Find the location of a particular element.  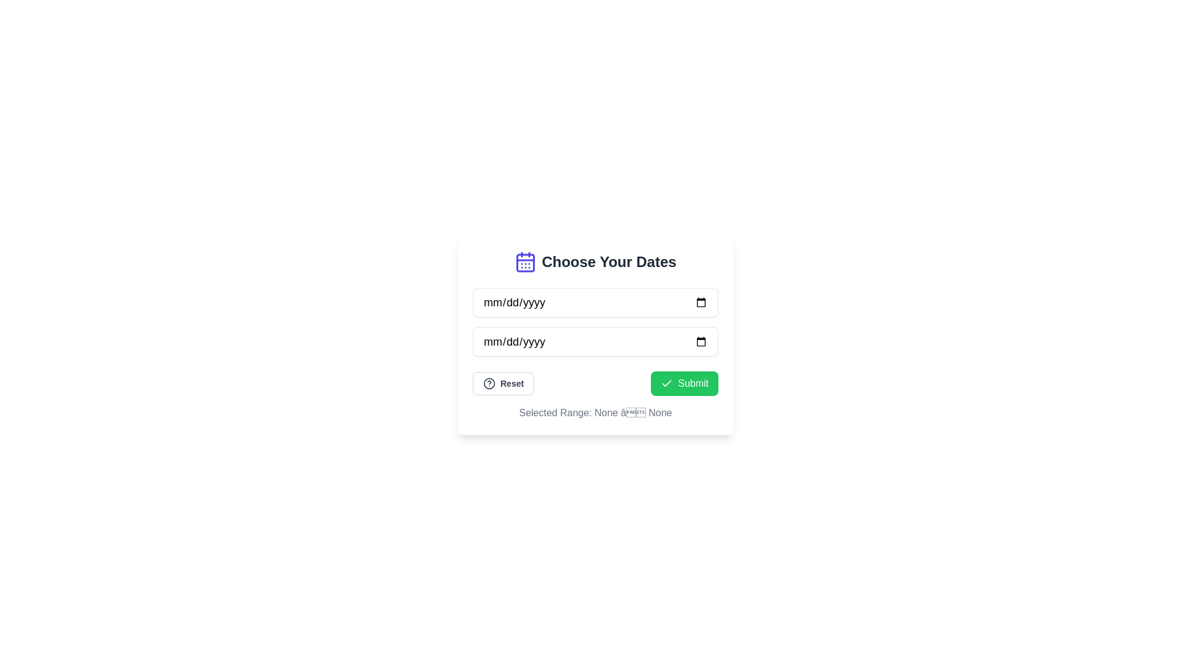

the calendar icon located to the left of the 'Choose Your Dates' header, which serves as an indicator for selecting or viewing dates is located at coordinates (526, 262).